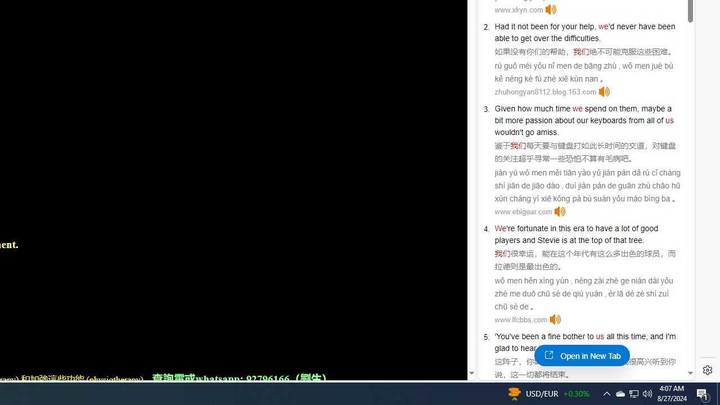 The height and width of the screenshot is (405, 720). Describe the element at coordinates (528, 348) in the screenshot. I see `'hear'` at that location.